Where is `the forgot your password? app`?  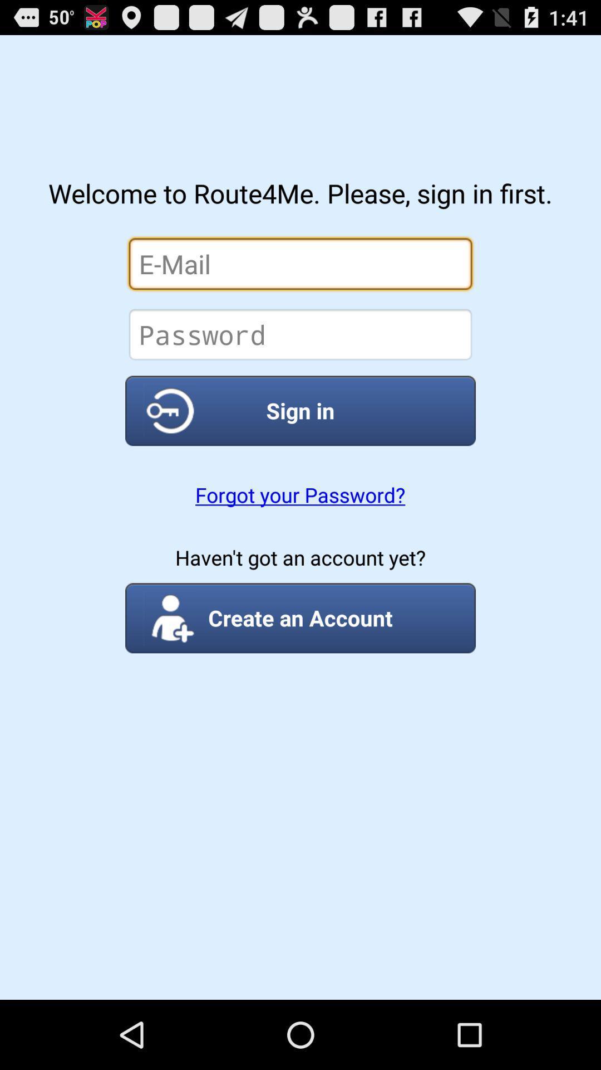 the forgot your password? app is located at coordinates (299, 494).